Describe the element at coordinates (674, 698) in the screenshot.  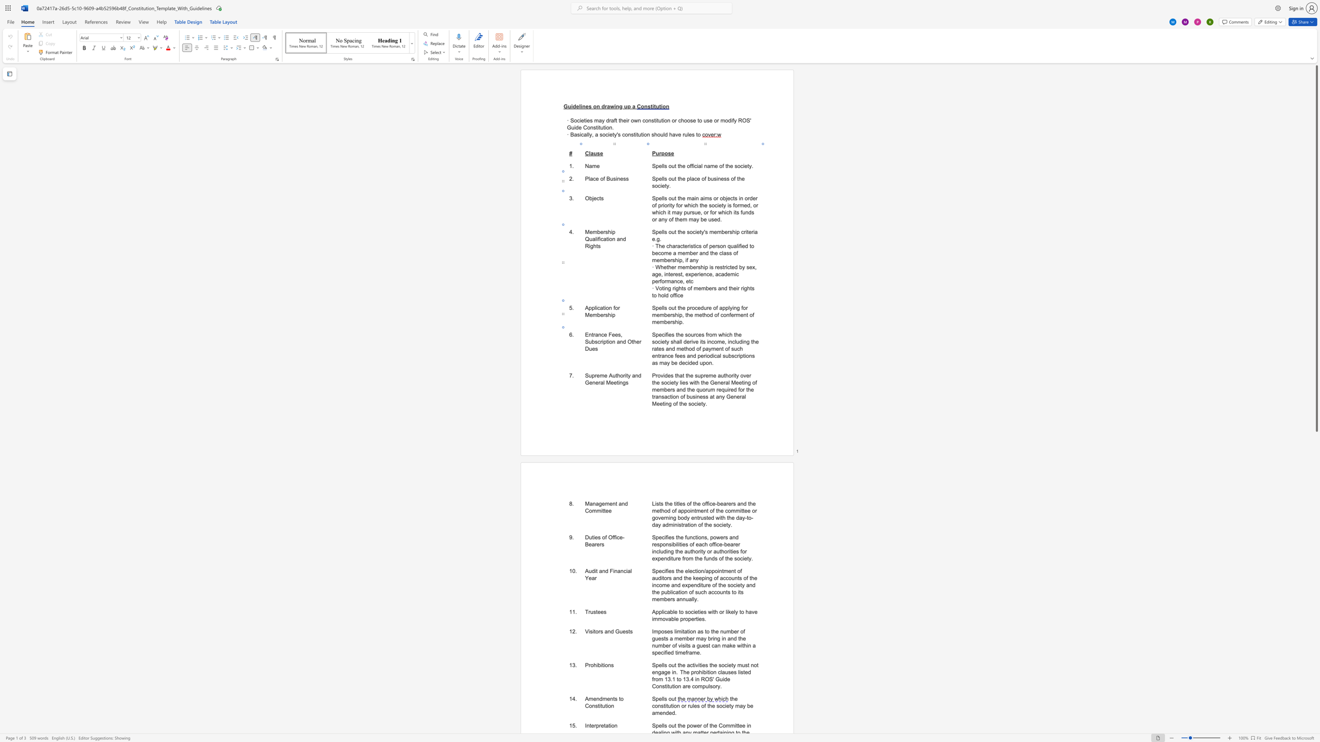
I see `the space between the continuous character "u" and "t" in the text` at that location.